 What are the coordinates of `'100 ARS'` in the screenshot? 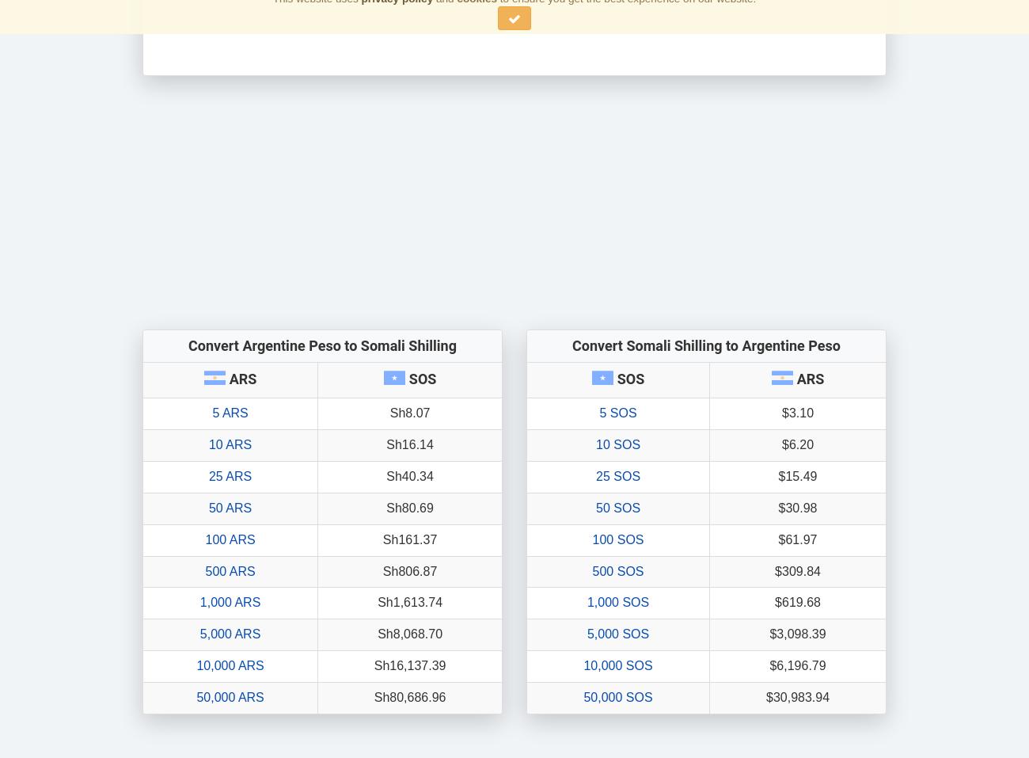 It's located at (230, 539).